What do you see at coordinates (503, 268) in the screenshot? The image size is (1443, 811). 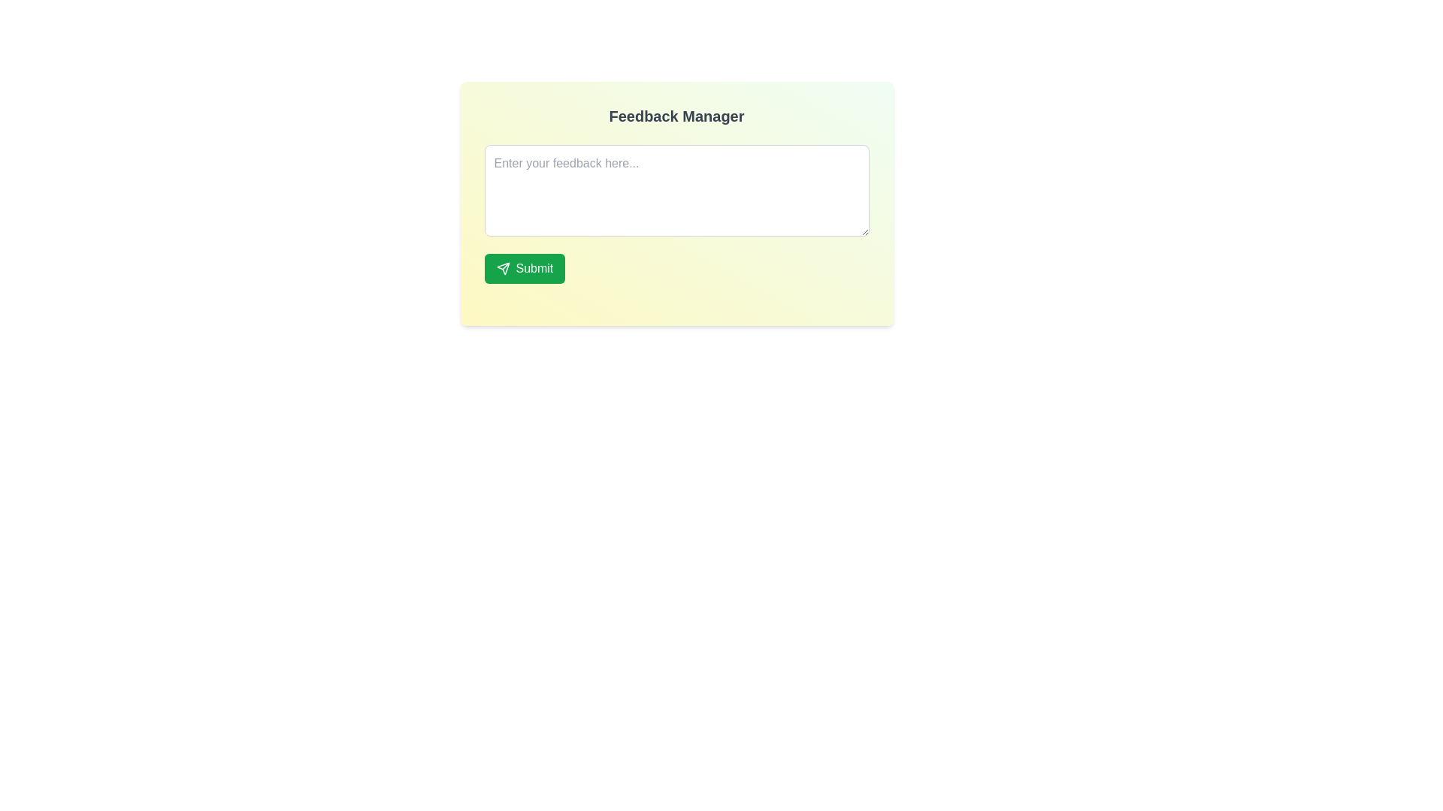 I see `the paper airplane icon located within the green 'Submit' button` at bounding box center [503, 268].